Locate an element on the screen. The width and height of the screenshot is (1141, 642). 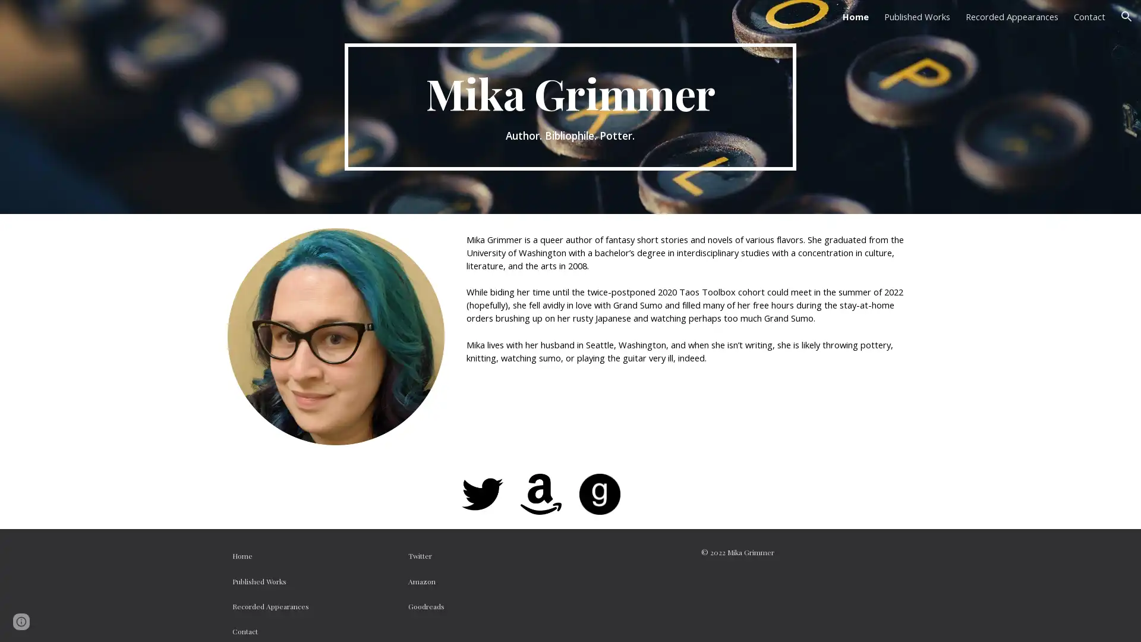
Skip to navigation is located at coordinates (677, 22).